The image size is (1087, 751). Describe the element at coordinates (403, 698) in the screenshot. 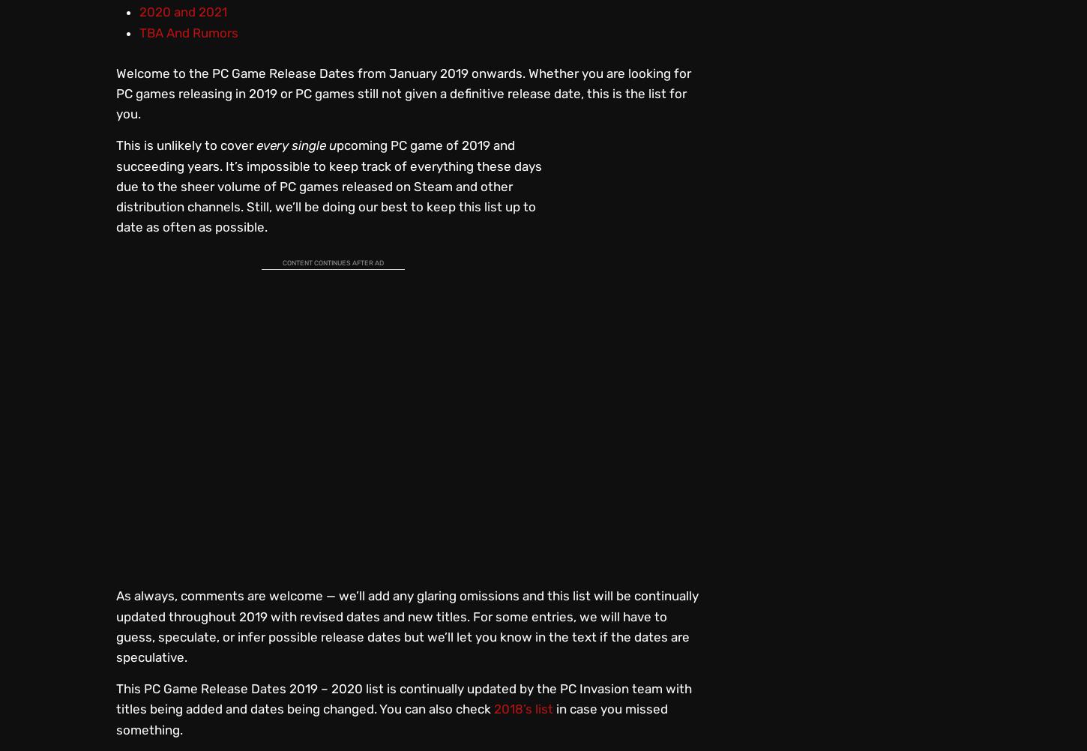

I see `'This PC Game Release Dates 2019 – 2020 list is continually updated by the PC Invasion team with titles being added and dates being changed. You can also check'` at that location.